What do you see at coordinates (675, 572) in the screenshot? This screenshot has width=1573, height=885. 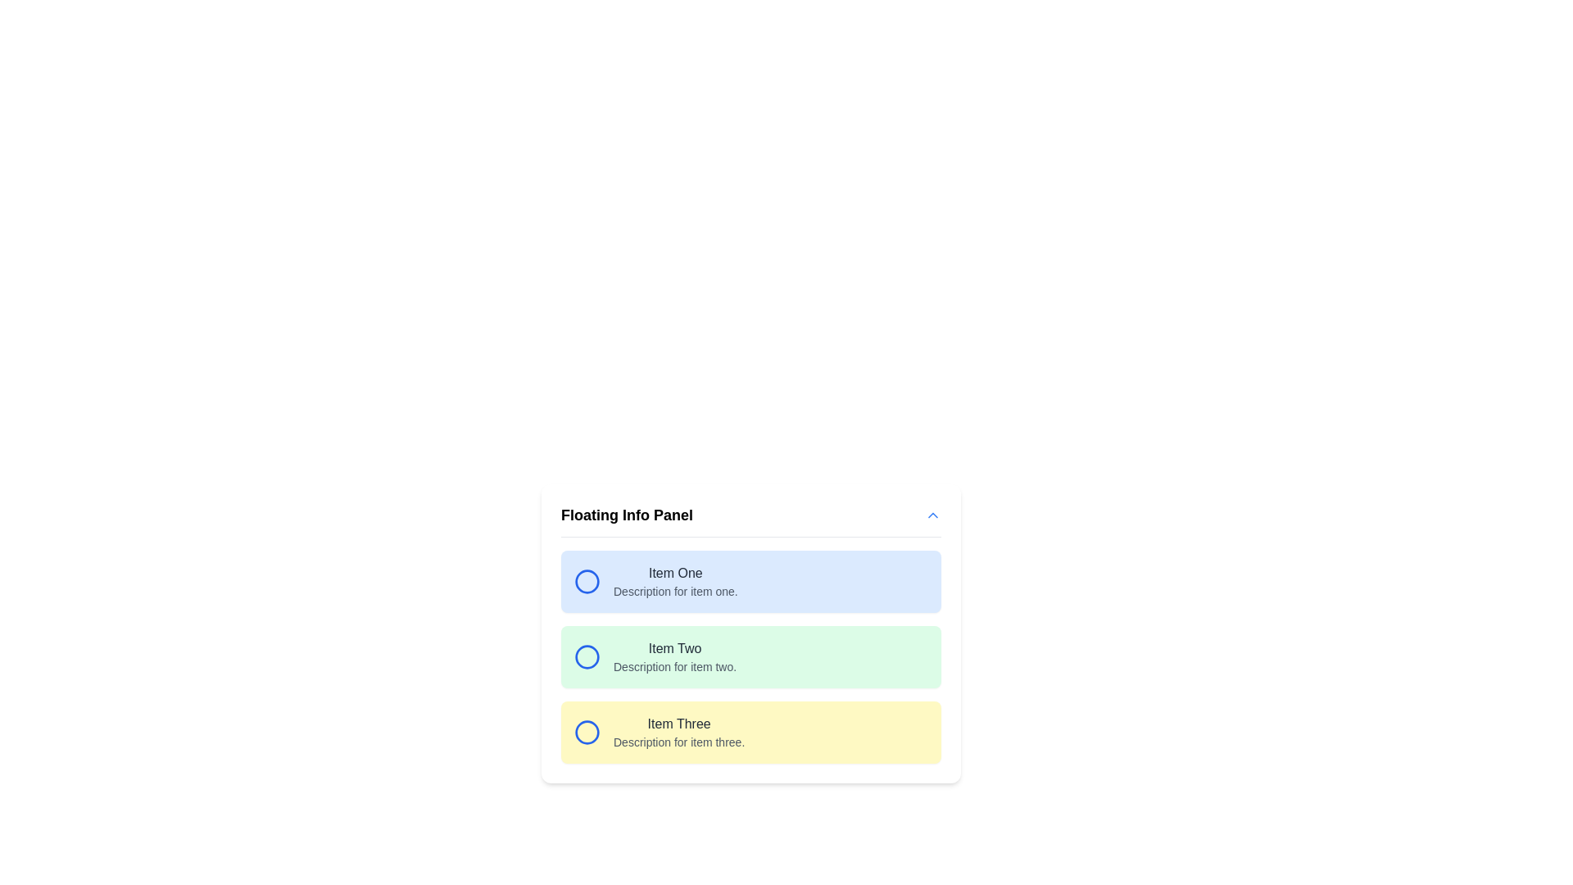 I see `the text label displaying 'Item One' located in the first item block of the floating info panel with a gray color and medium font weight` at bounding box center [675, 572].